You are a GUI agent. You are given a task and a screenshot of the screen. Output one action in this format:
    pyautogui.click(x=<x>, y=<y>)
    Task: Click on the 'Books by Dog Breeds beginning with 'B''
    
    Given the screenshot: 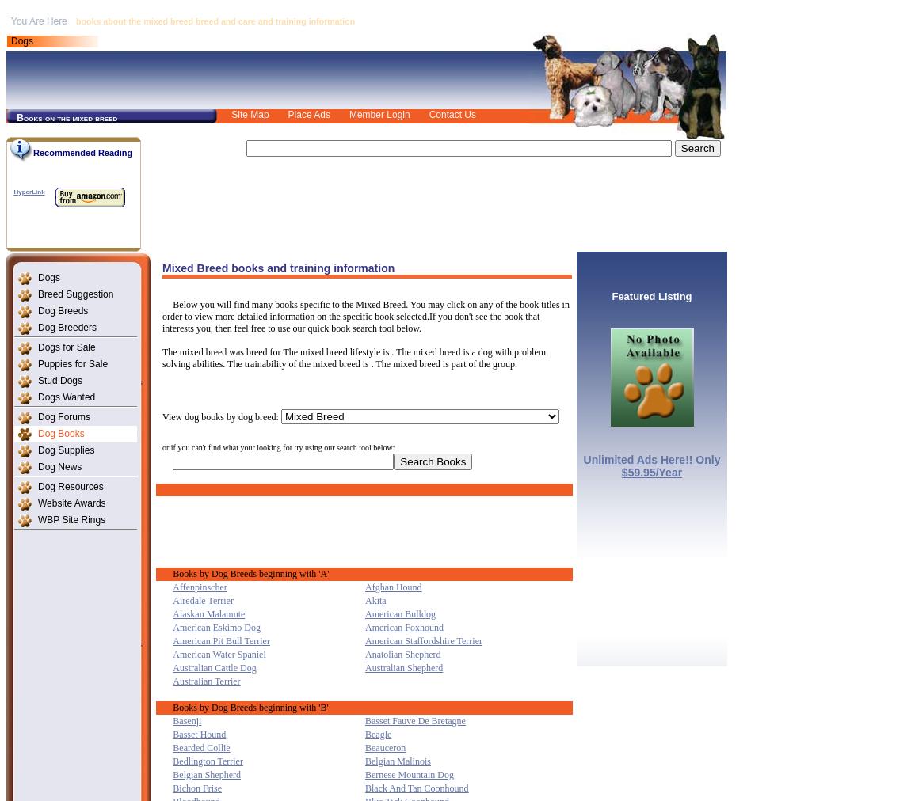 What is the action you would take?
    pyautogui.click(x=250, y=706)
    